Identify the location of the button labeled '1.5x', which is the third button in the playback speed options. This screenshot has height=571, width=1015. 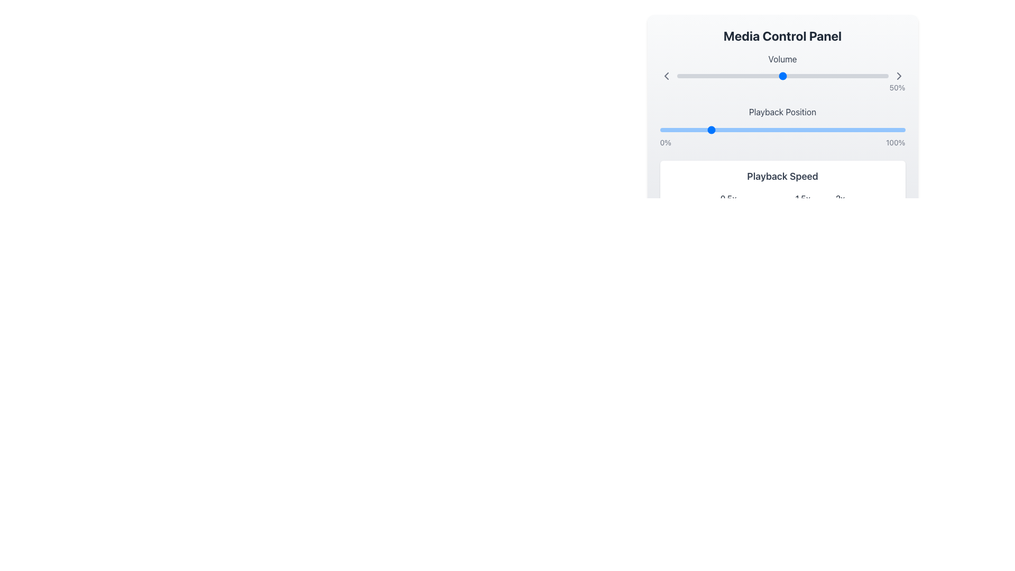
(802, 198).